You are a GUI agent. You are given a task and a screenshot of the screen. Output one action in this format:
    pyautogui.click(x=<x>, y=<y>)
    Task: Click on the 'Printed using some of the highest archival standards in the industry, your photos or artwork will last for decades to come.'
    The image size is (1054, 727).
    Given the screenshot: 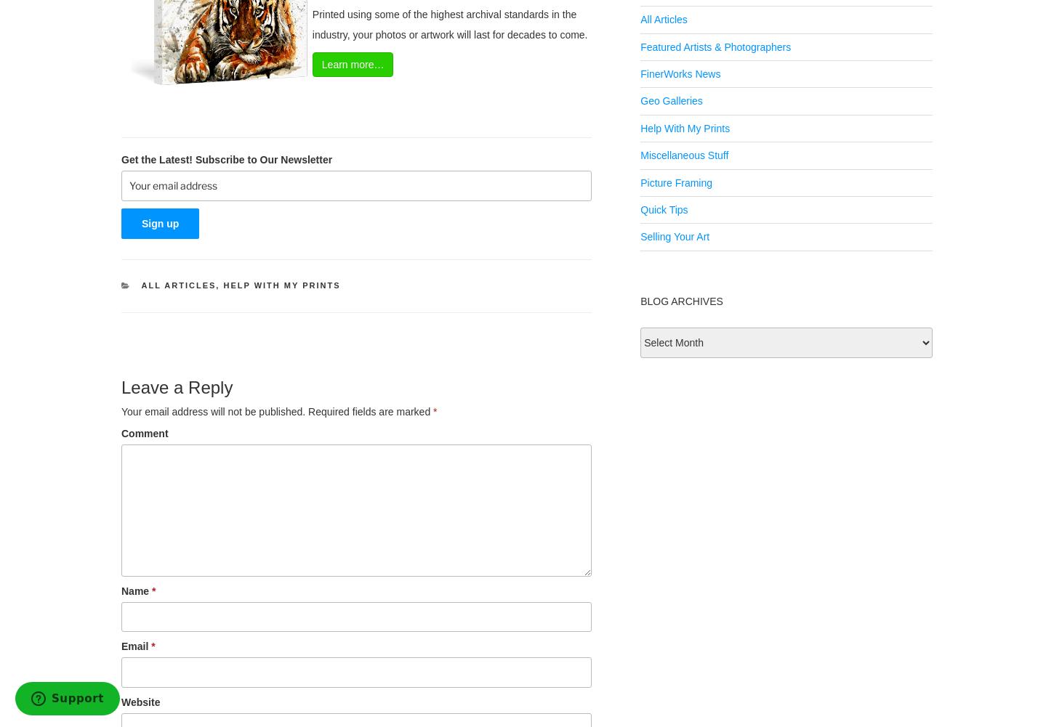 What is the action you would take?
    pyautogui.click(x=311, y=25)
    